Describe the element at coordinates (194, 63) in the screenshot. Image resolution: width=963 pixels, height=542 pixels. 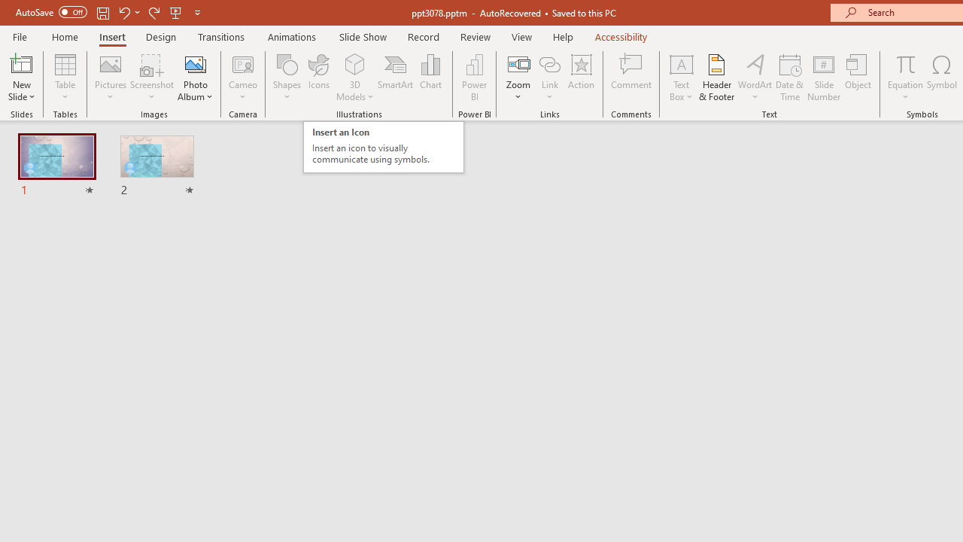
I see `'New Photo Album...'` at that location.